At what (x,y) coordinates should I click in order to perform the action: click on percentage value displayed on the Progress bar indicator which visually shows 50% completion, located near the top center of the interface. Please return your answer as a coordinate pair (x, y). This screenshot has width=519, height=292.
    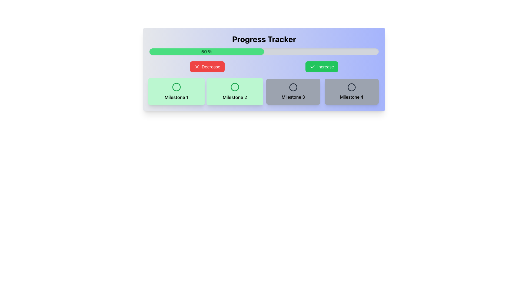
    Looking at the image, I should click on (206, 52).